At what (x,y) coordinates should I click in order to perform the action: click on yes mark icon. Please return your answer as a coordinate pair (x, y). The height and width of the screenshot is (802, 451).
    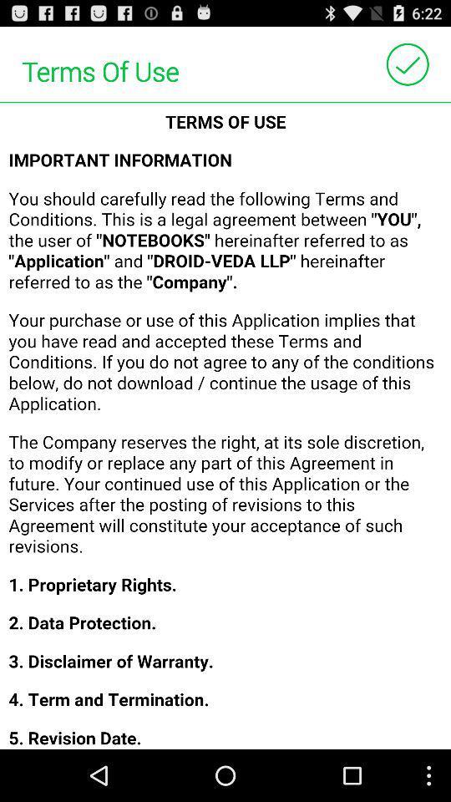
    Looking at the image, I should click on (407, 64).